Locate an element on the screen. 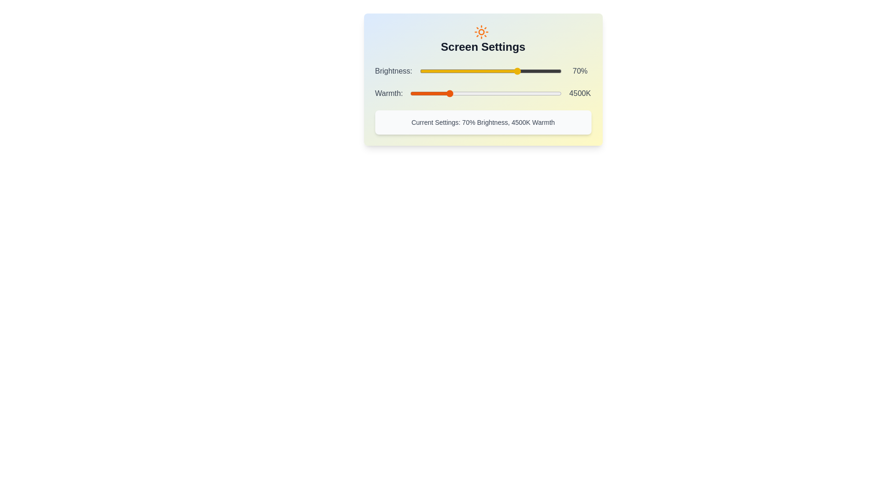 This screenshot has width=895, height=503. the Warmth slider to set the warmth to 3246 K is located at coordinates (416, 93).